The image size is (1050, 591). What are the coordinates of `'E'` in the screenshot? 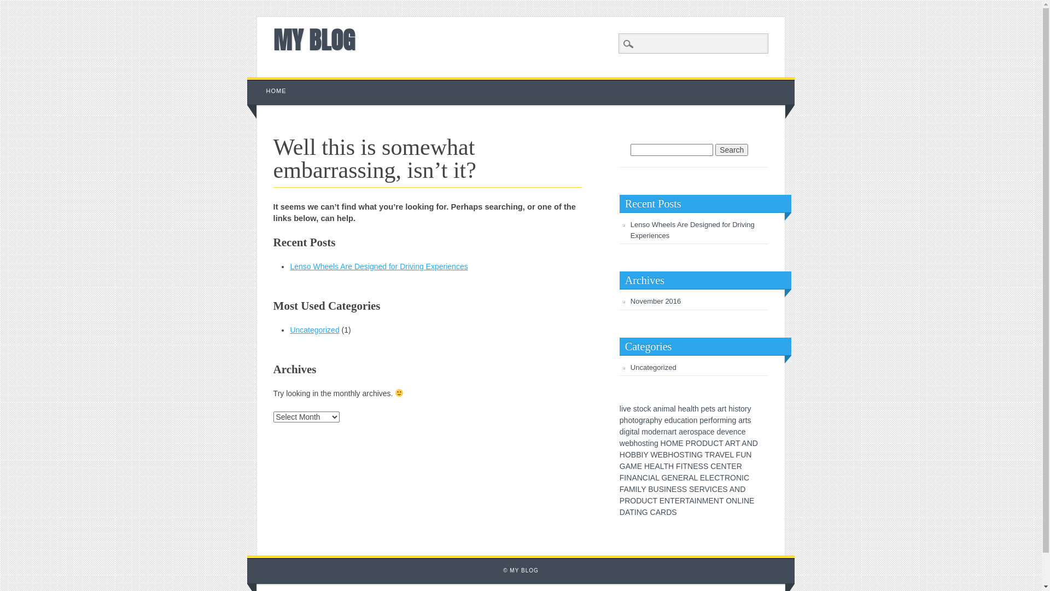 It's located at (680, 477).